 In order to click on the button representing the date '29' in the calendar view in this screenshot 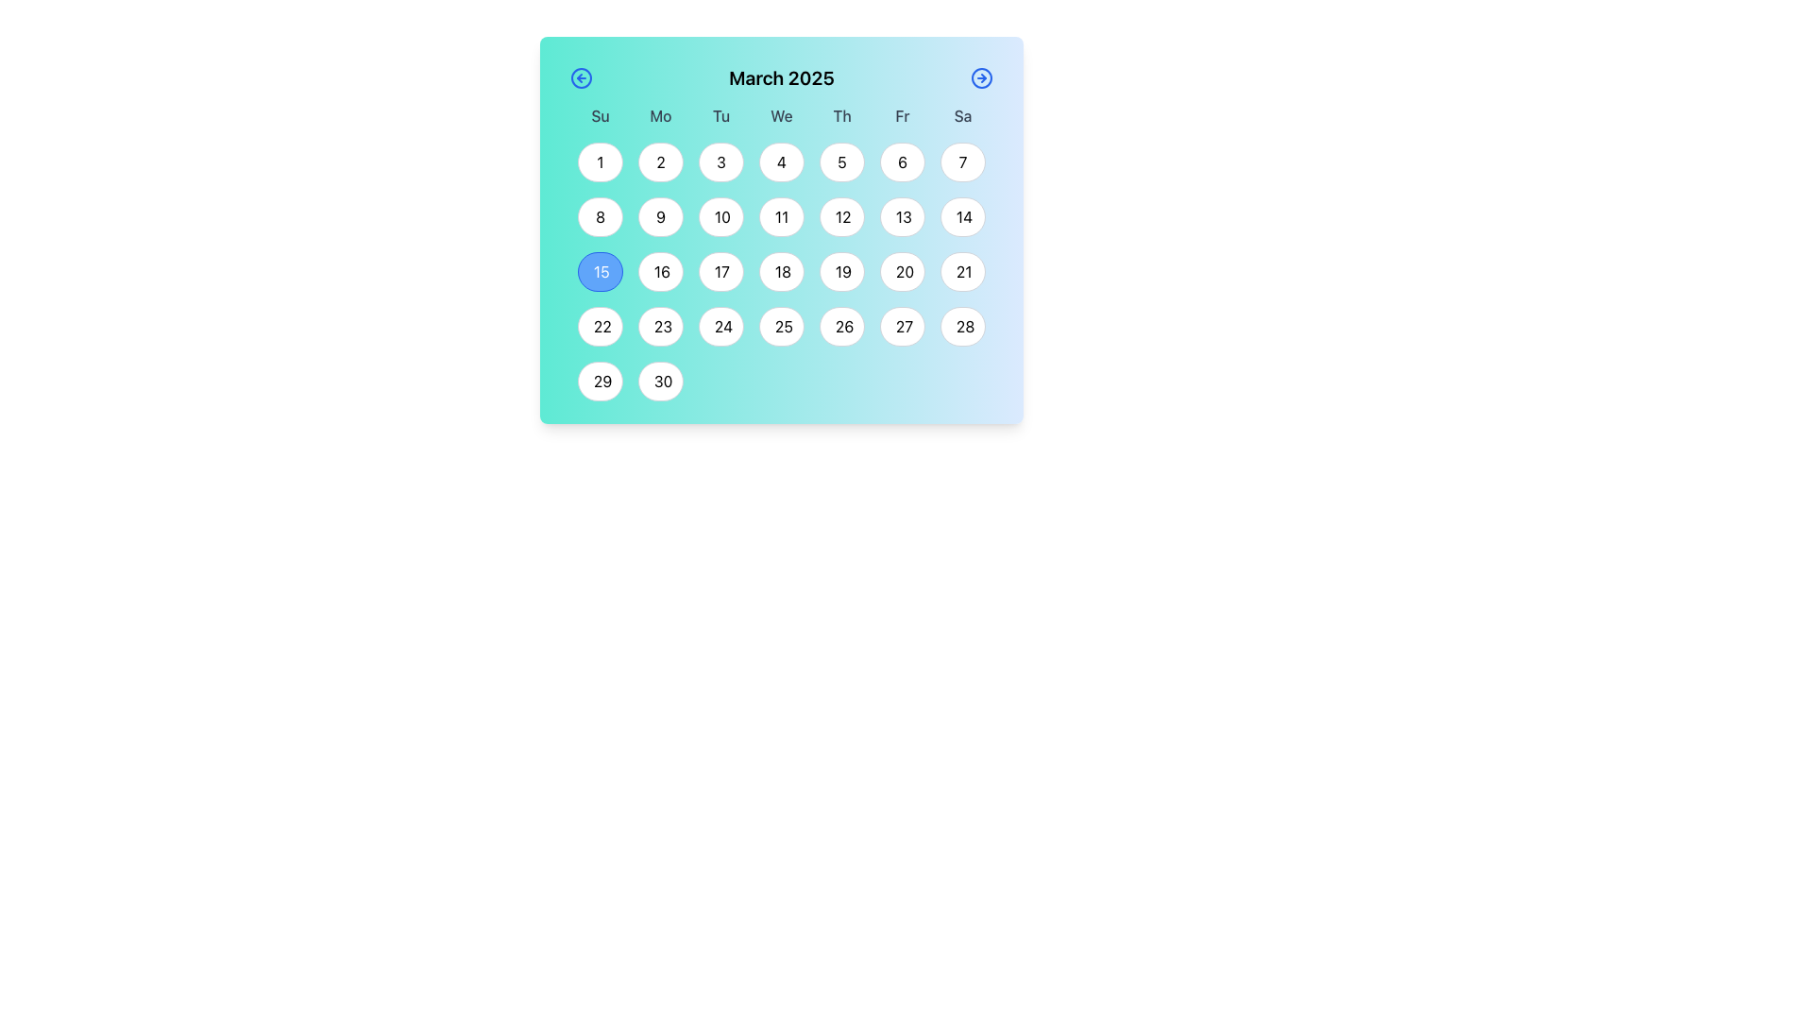, I will do `click(599, 382)`.